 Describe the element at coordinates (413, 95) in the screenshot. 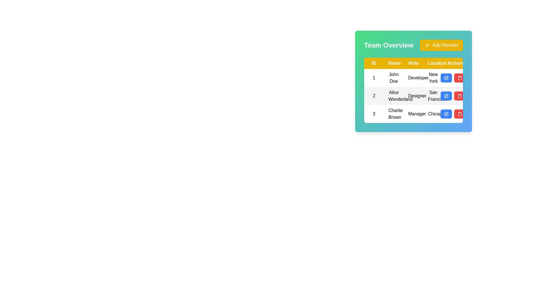

I see `the static text displaying the role 'Designer' for 'Alice Wonderland' in the table` at that location.